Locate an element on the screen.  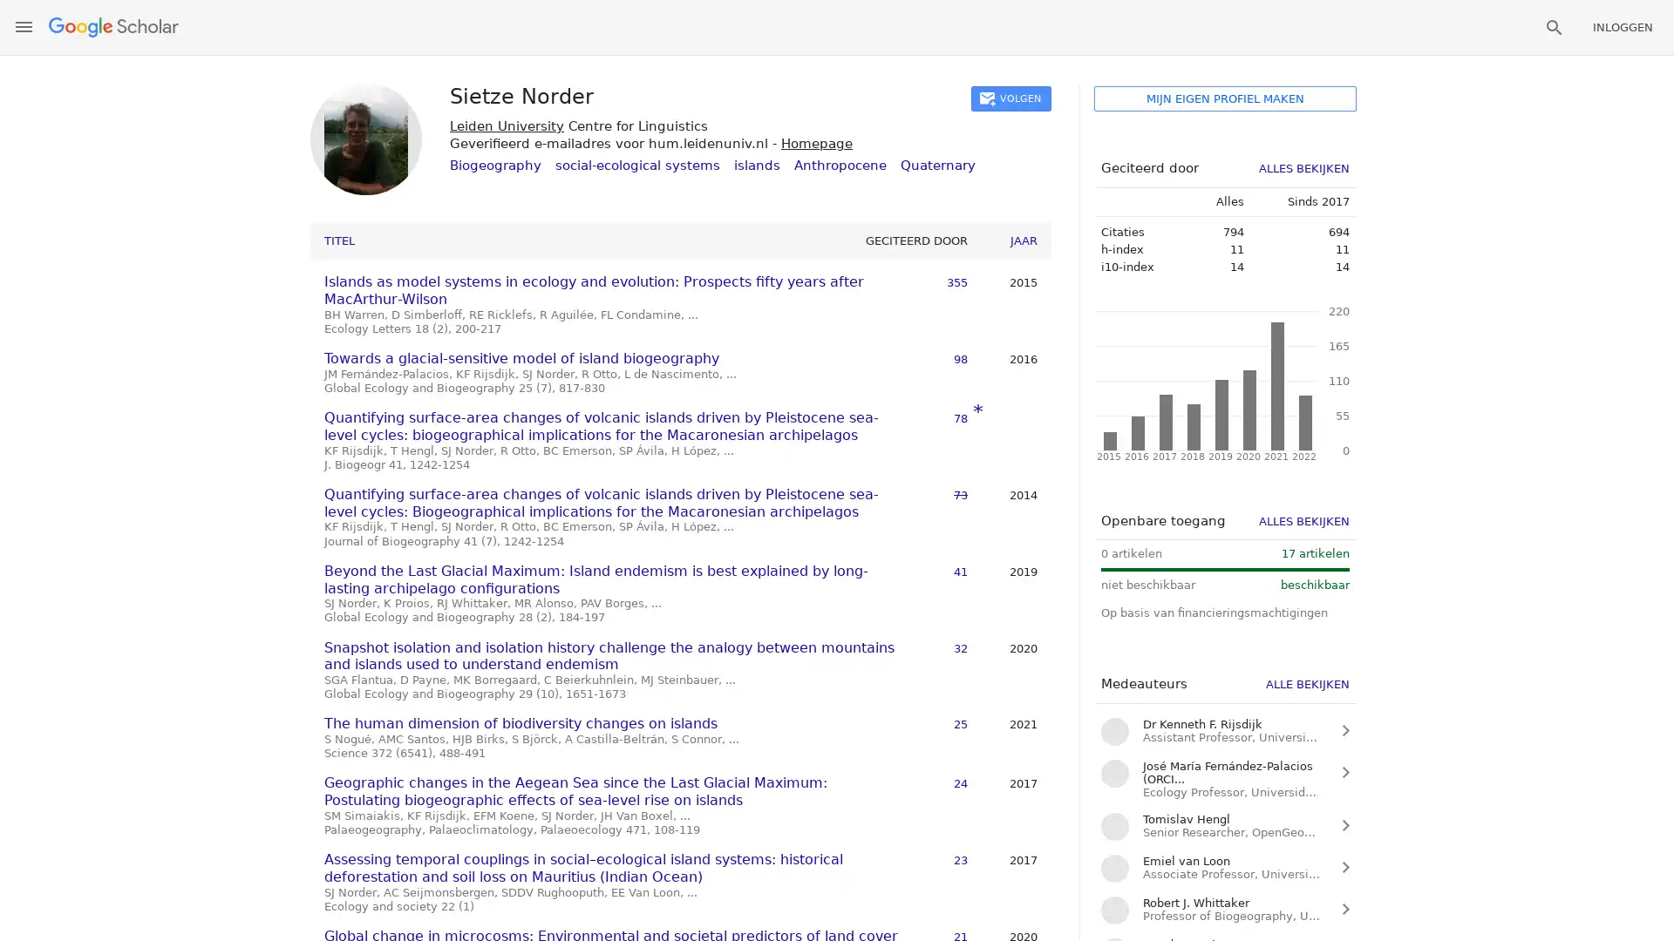
VOLGEN is located at coordinates (1011, 98).